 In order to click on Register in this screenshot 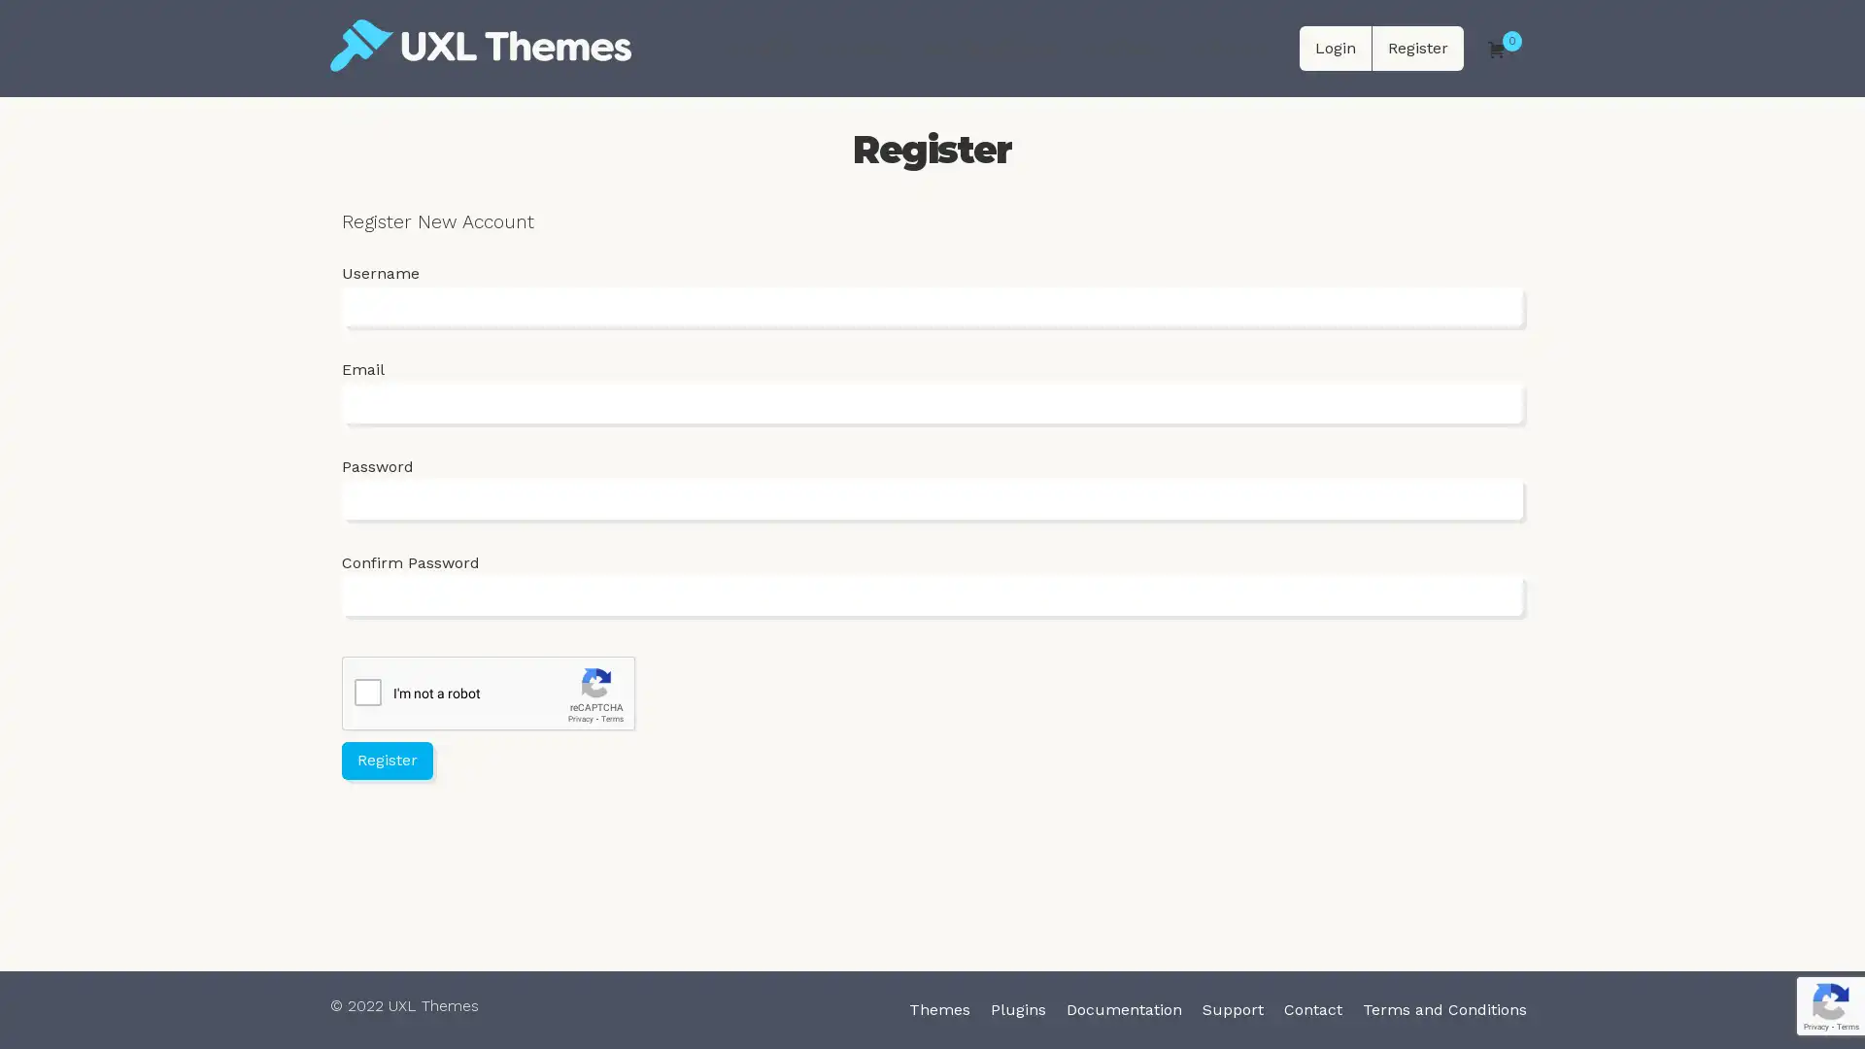, I will do `click(387, 759)`.